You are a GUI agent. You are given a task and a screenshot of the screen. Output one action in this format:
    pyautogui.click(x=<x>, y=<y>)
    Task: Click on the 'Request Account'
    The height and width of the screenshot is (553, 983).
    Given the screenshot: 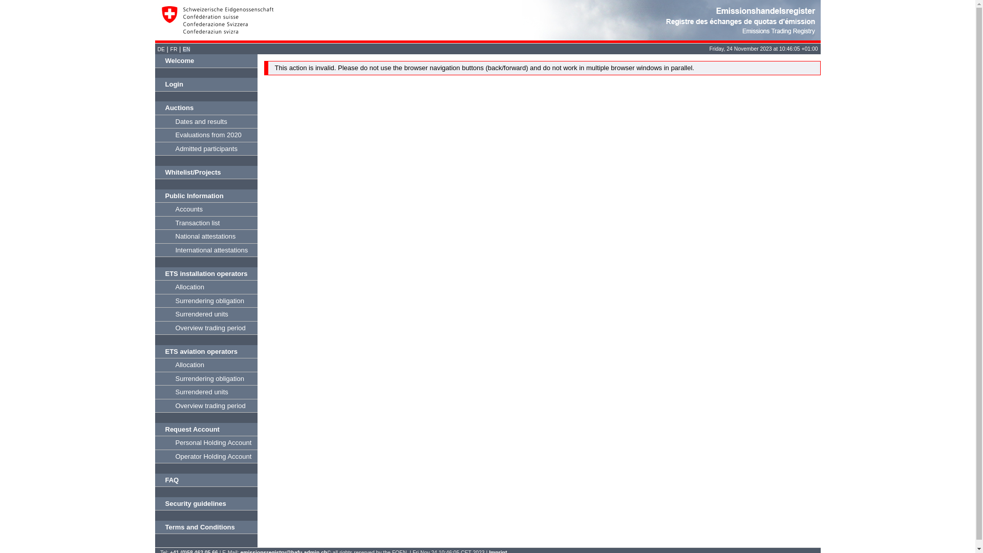 What is the action you would take?
    pyautogui.click(x=154, y=430)
    